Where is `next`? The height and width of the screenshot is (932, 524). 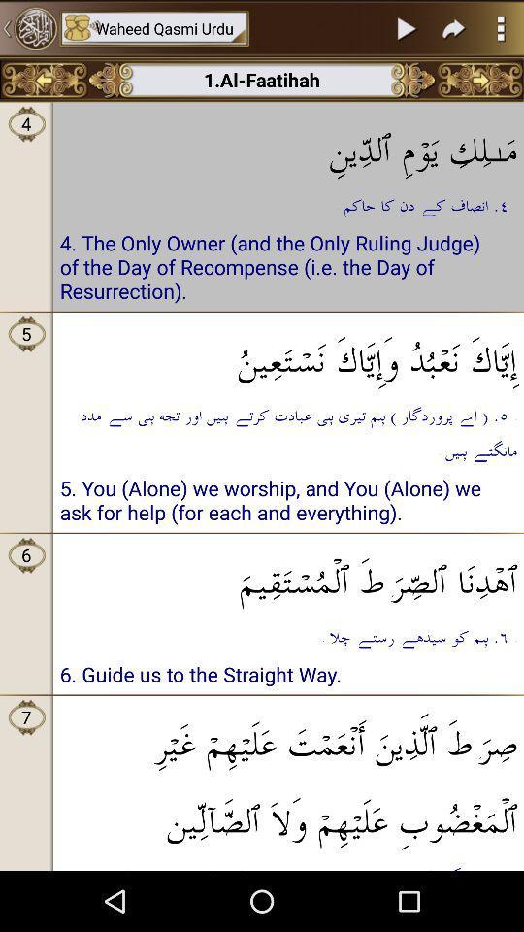
next is located at coordinates (478, 80).